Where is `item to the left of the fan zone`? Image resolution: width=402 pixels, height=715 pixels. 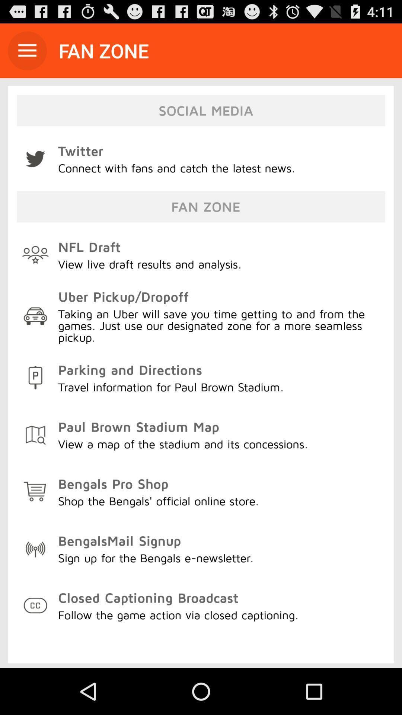 item to the left of the fan zone is located at coordinates (27, 50).